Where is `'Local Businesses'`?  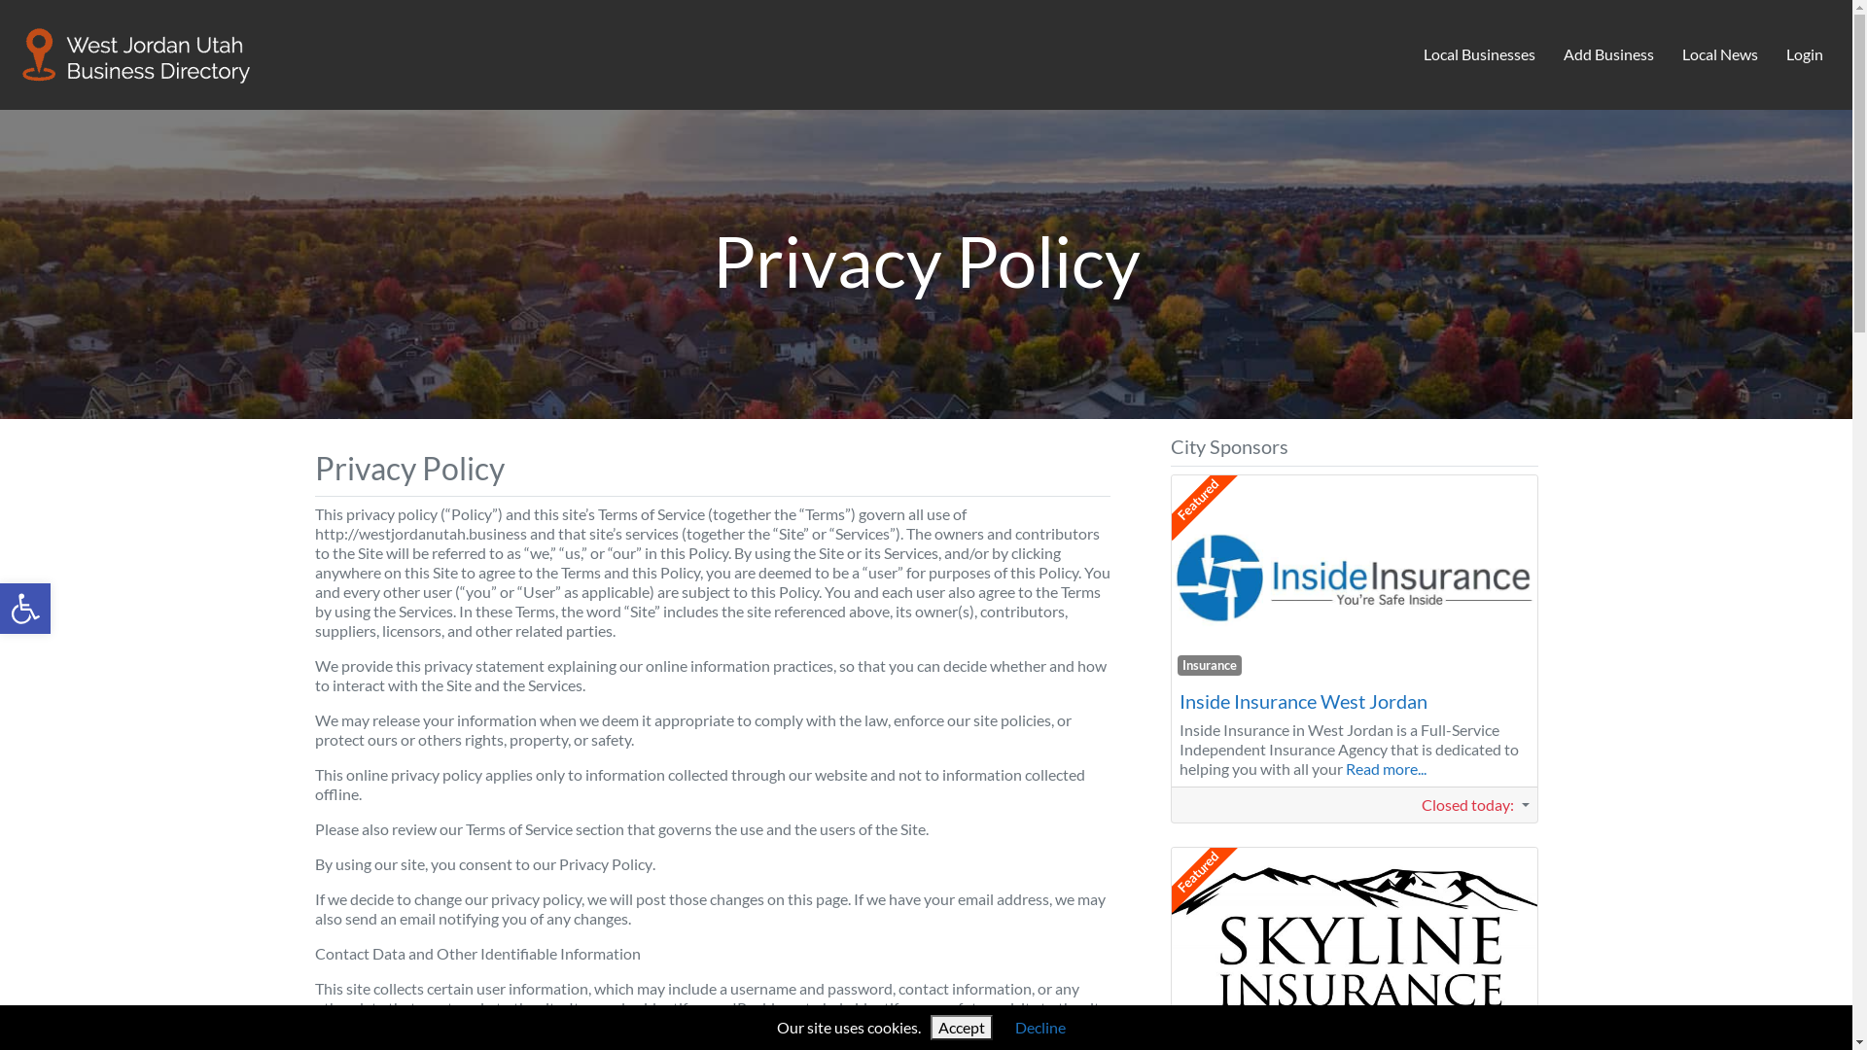
'Local Businesses' is located at coordinates (1478, 54).